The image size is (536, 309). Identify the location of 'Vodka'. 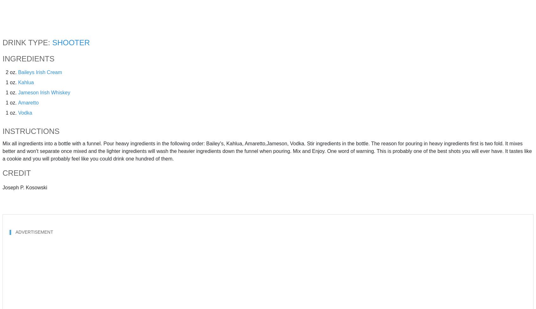
(25, 112).